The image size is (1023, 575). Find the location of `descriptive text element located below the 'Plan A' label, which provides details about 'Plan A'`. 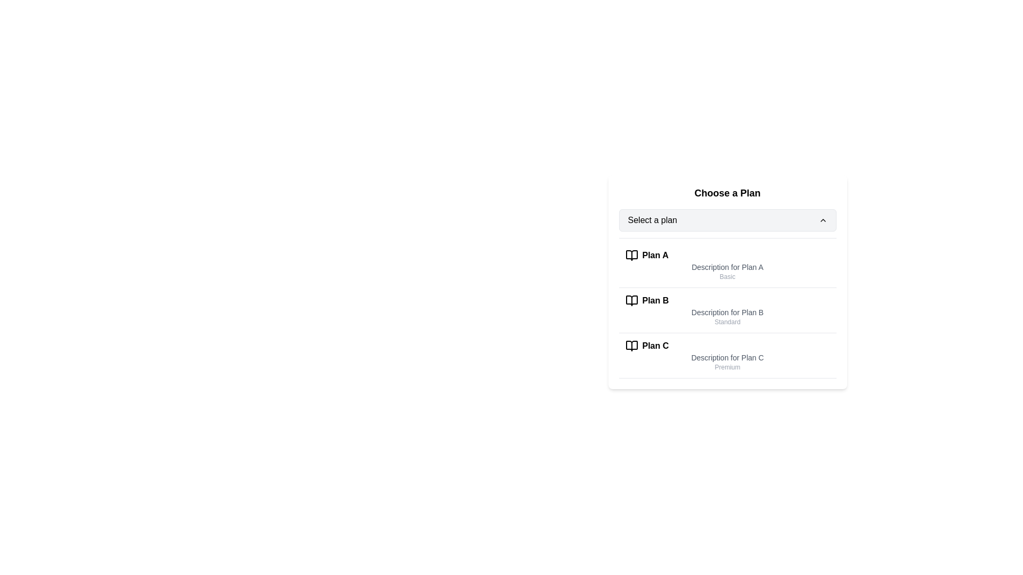

descriptive text element located below the 'Plan A' label, which provides details about 'Plan A' is located at coordinates (727, 266).